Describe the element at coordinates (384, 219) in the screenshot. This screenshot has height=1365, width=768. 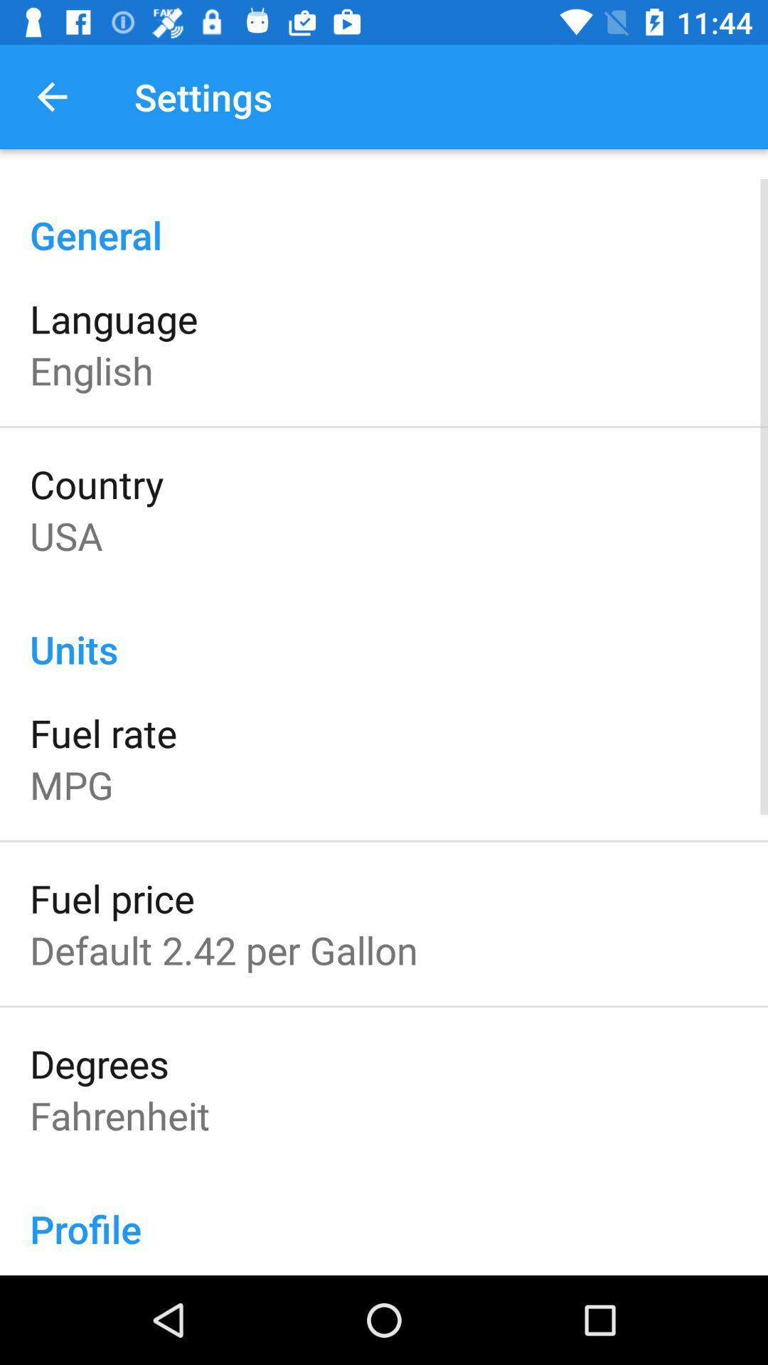
I see `the general icon` at that location.